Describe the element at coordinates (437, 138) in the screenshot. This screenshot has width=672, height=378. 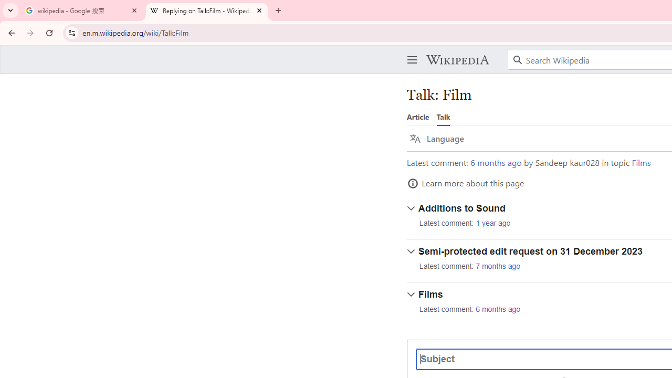
I see `'Language'` at that location.